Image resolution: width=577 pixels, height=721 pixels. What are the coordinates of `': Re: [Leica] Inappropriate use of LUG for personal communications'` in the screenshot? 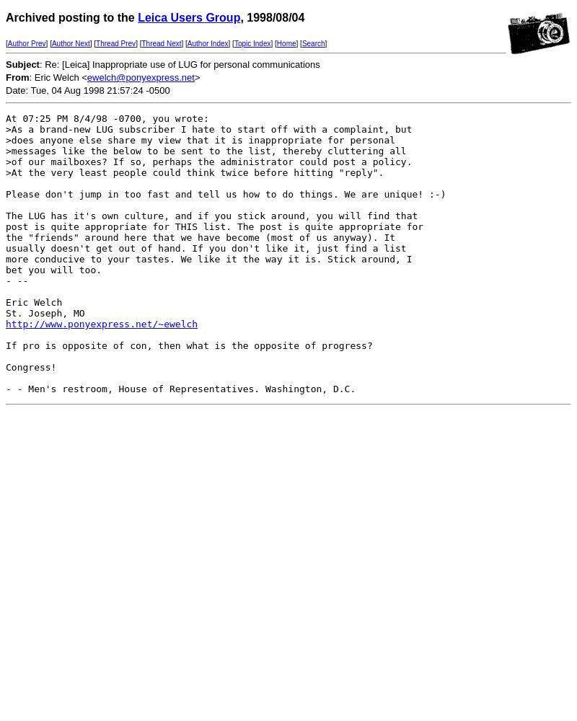 It's located at (178, 63).